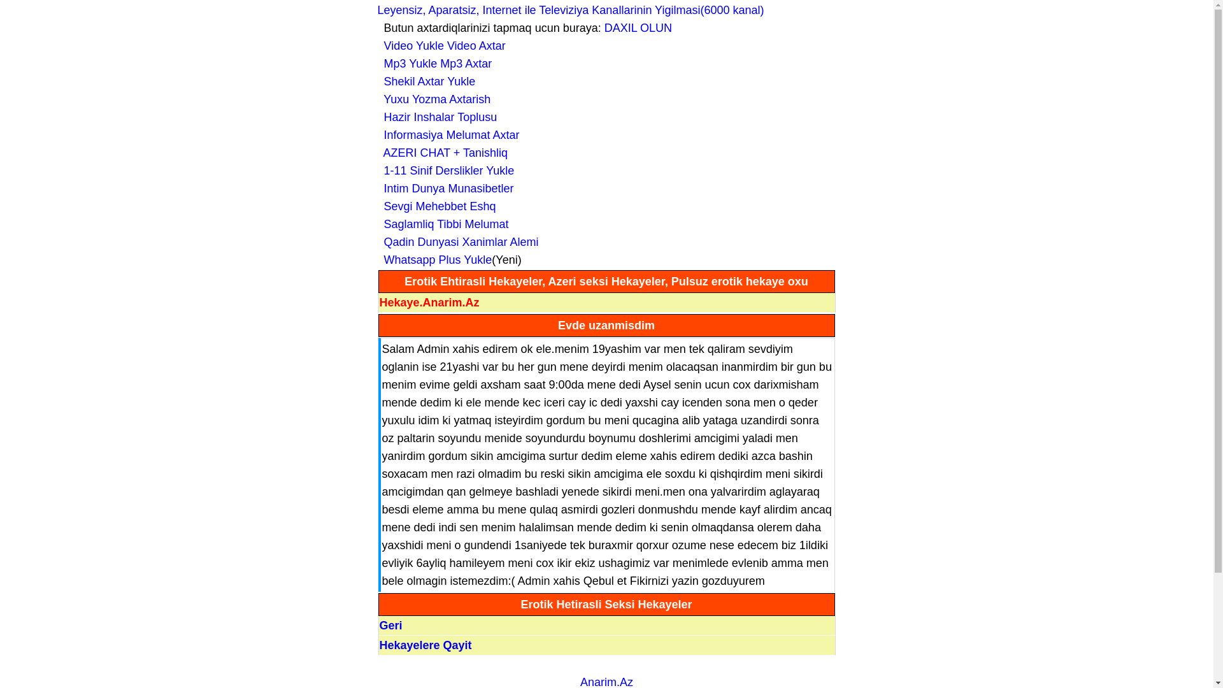 This screenshot has height=688, width=1223. Describe the element at coordinates (378, 645) in the screenshot. I see `'Hekayelere Qayit'` at that location.